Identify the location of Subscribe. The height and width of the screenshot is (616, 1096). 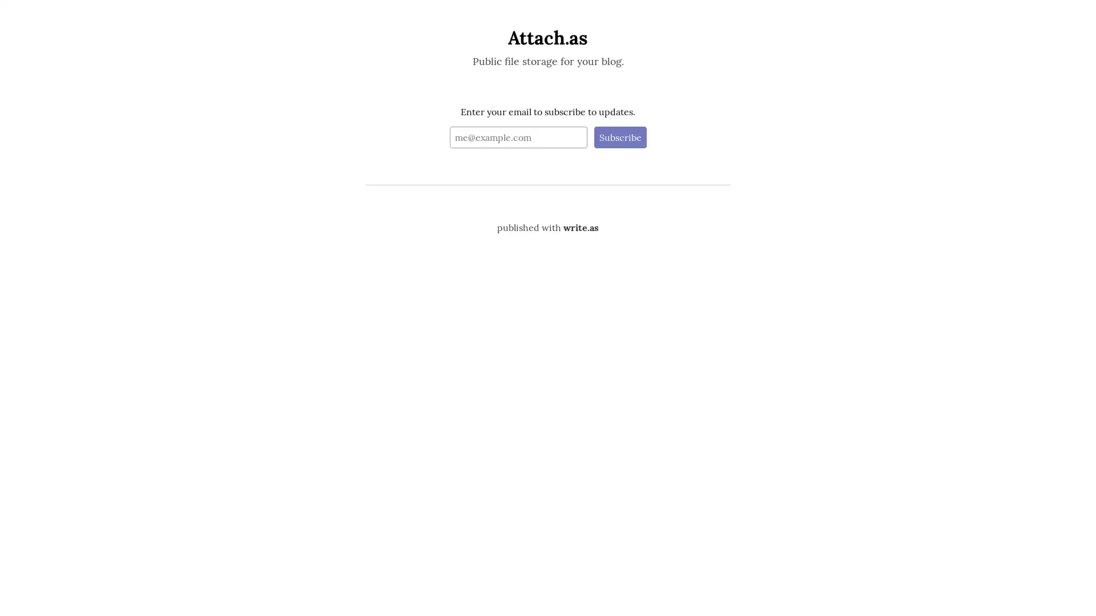
(619, 136).